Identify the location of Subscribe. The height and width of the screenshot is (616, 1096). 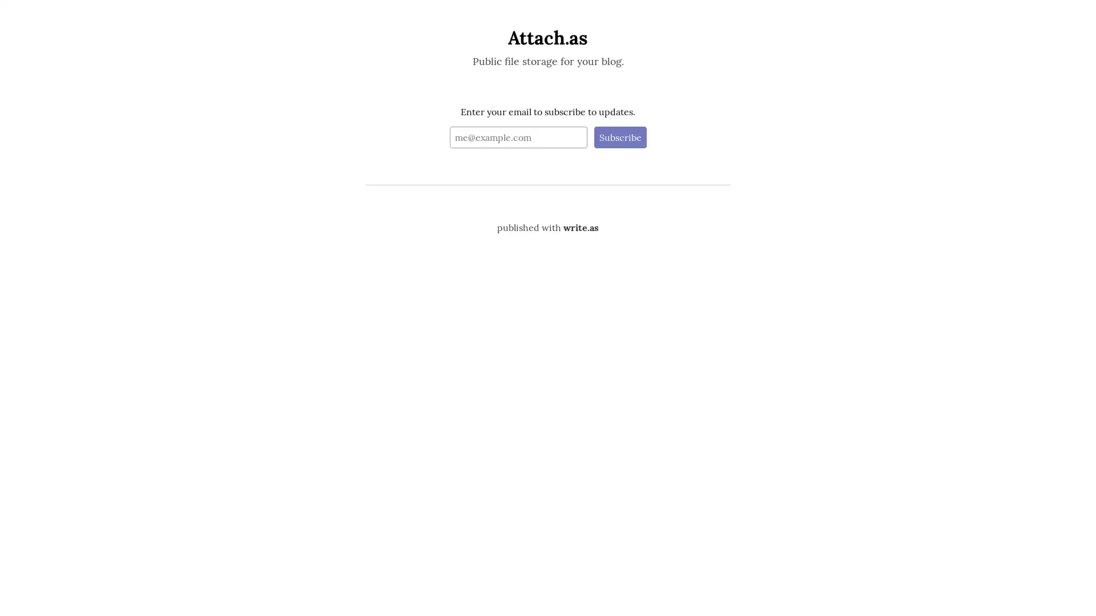
(619, 136).